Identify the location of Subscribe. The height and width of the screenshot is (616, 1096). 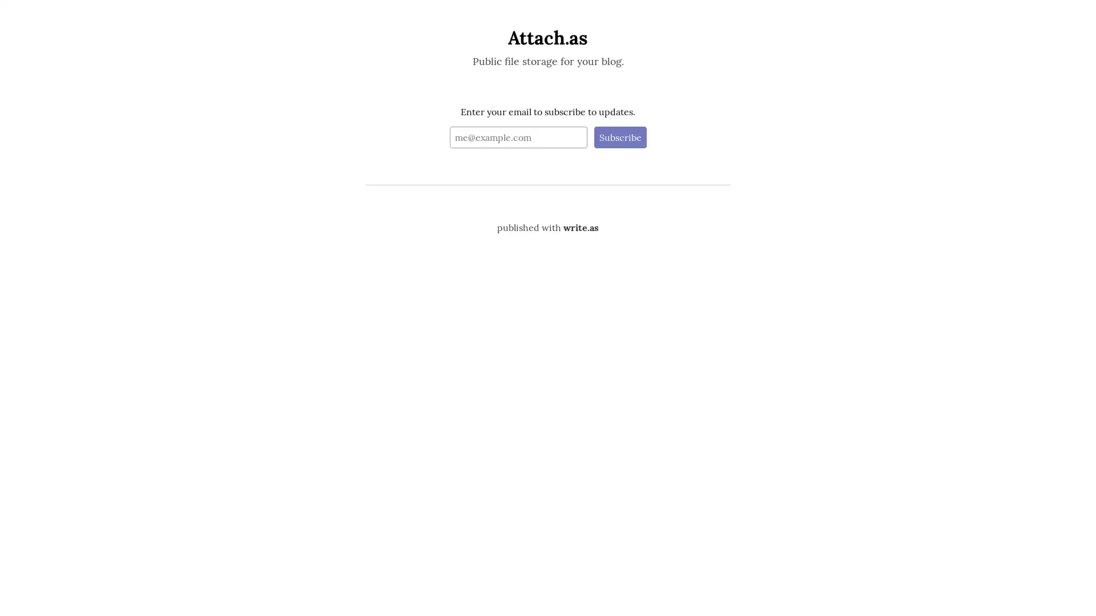
(619, 136).